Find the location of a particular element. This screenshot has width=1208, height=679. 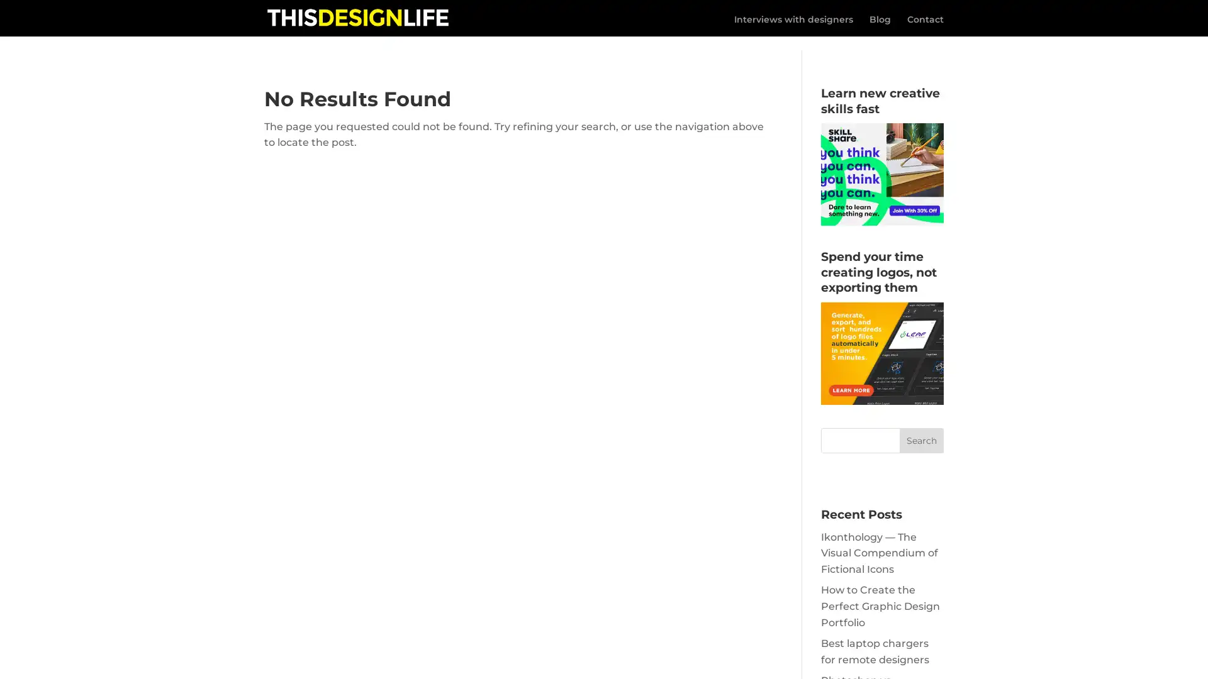

Search is located at coordinates (921, 425).